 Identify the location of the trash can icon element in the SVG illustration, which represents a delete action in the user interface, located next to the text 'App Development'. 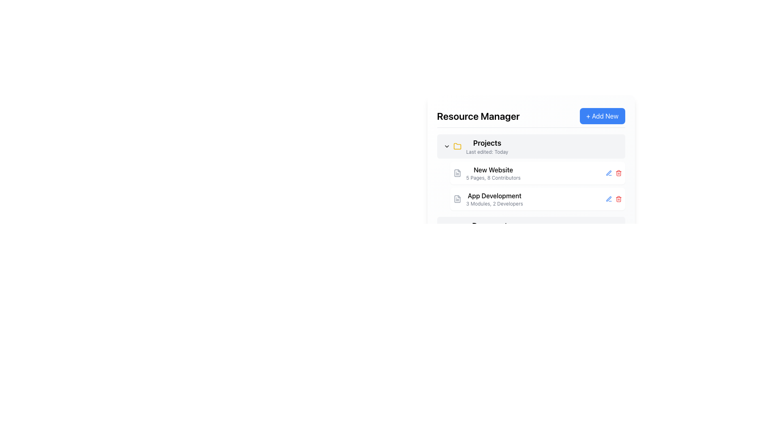
(618, 199).